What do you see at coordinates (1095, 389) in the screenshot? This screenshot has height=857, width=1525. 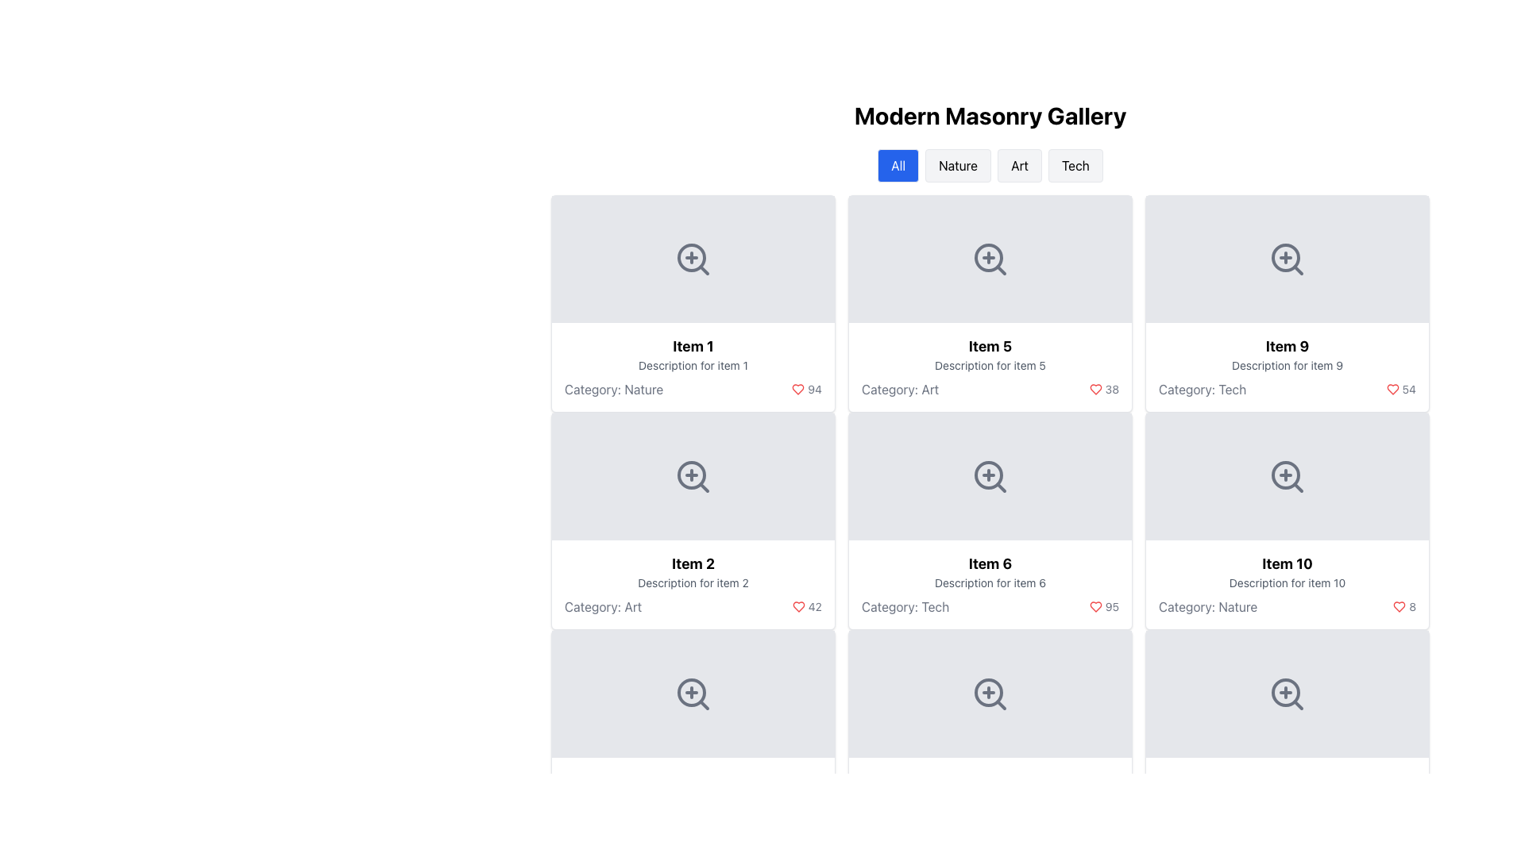 I see `the heart-shaped icon indicating 'like' for 'Item 9', which is located at the top right corner of its grid cell` at bounding box center [1095, 389].